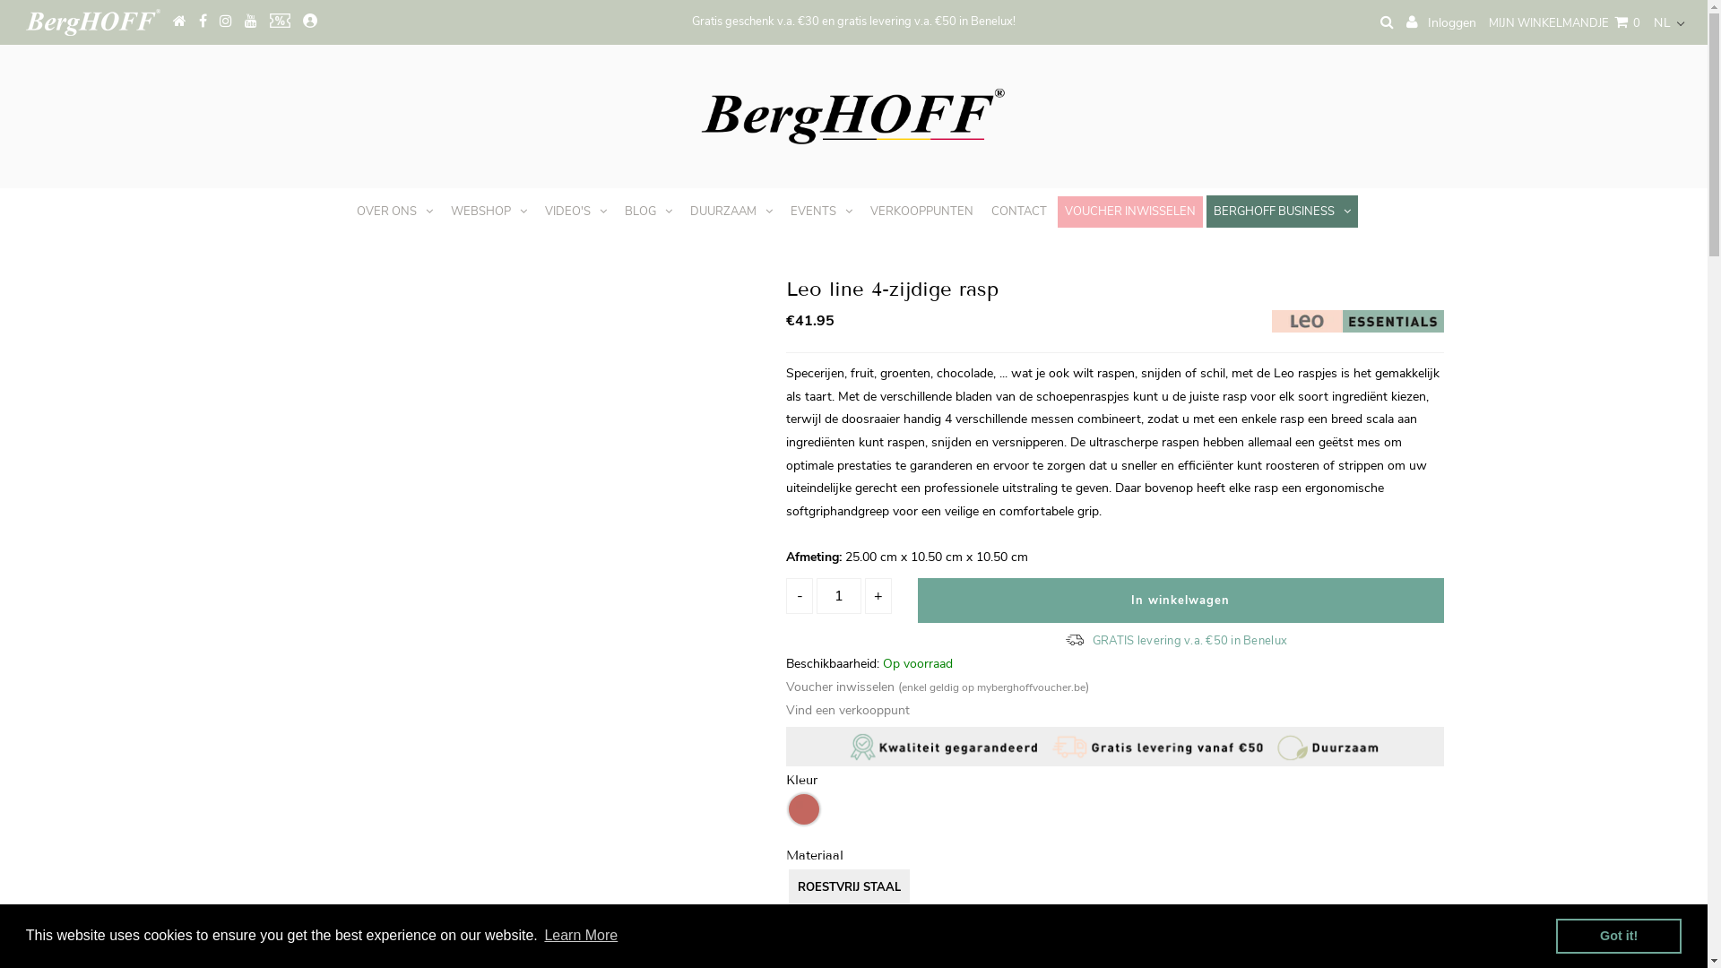 This screenshot has width=1721, height=968. I want to click on 'BLOG', so click(647, 210).